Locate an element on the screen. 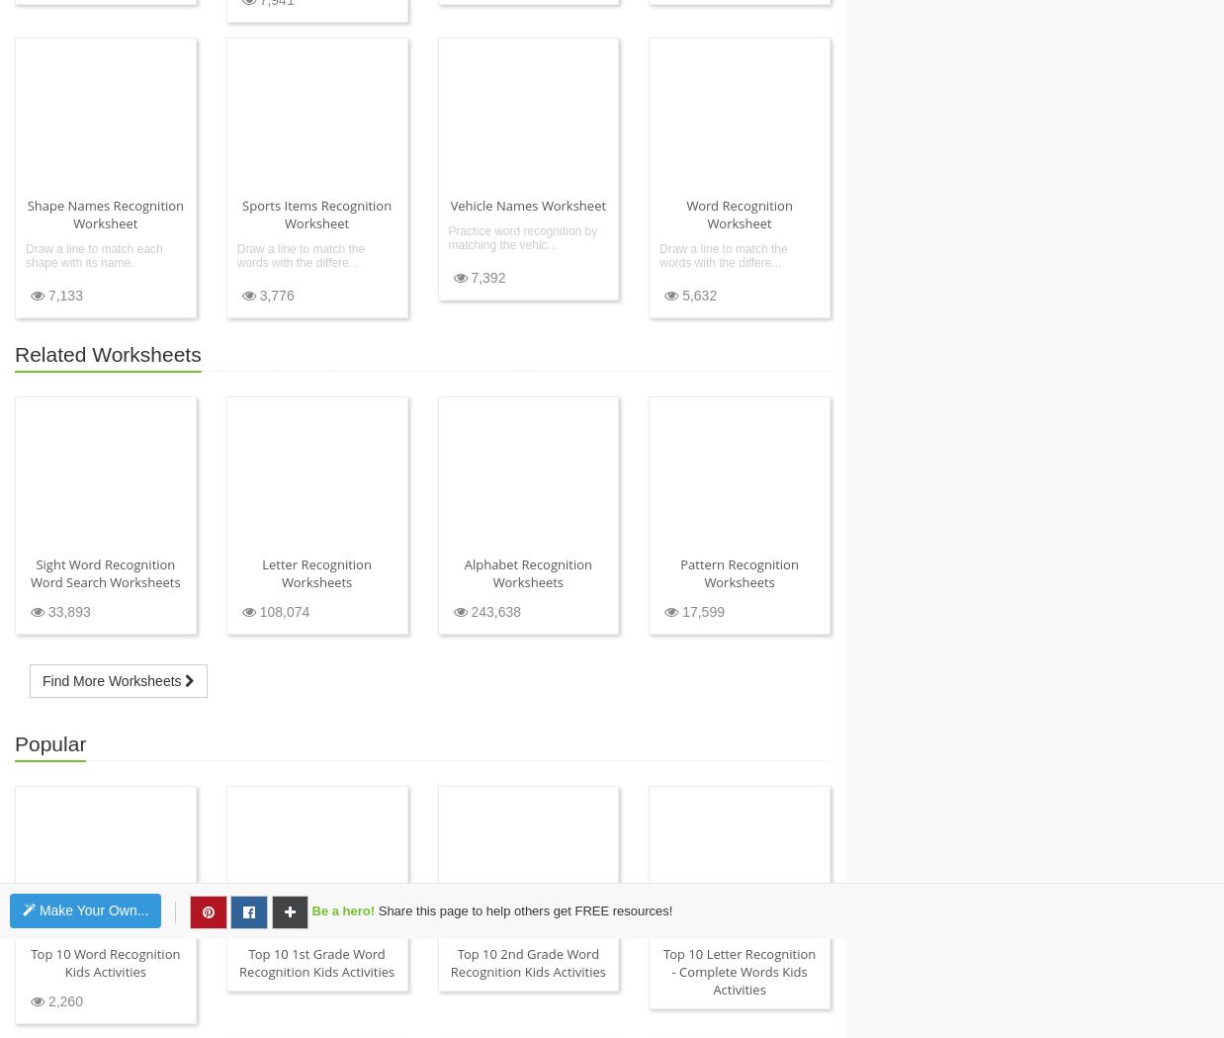  'Sports Items Recognition Worksheet' is located at coordinates (316, 212).